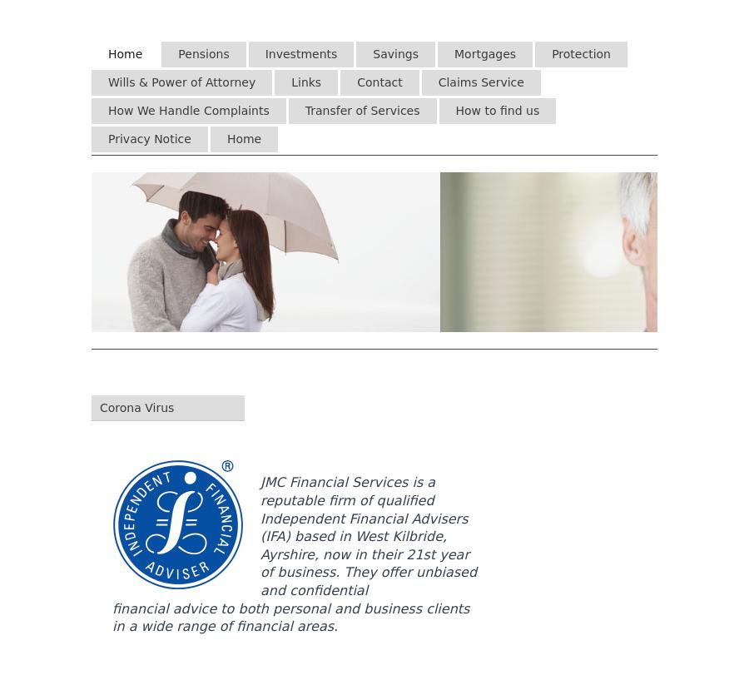 This screenshot has height=685, width=749. Describe the element at coordinates (379, 81) in the screenshot. I see `'Contact'` at that location.